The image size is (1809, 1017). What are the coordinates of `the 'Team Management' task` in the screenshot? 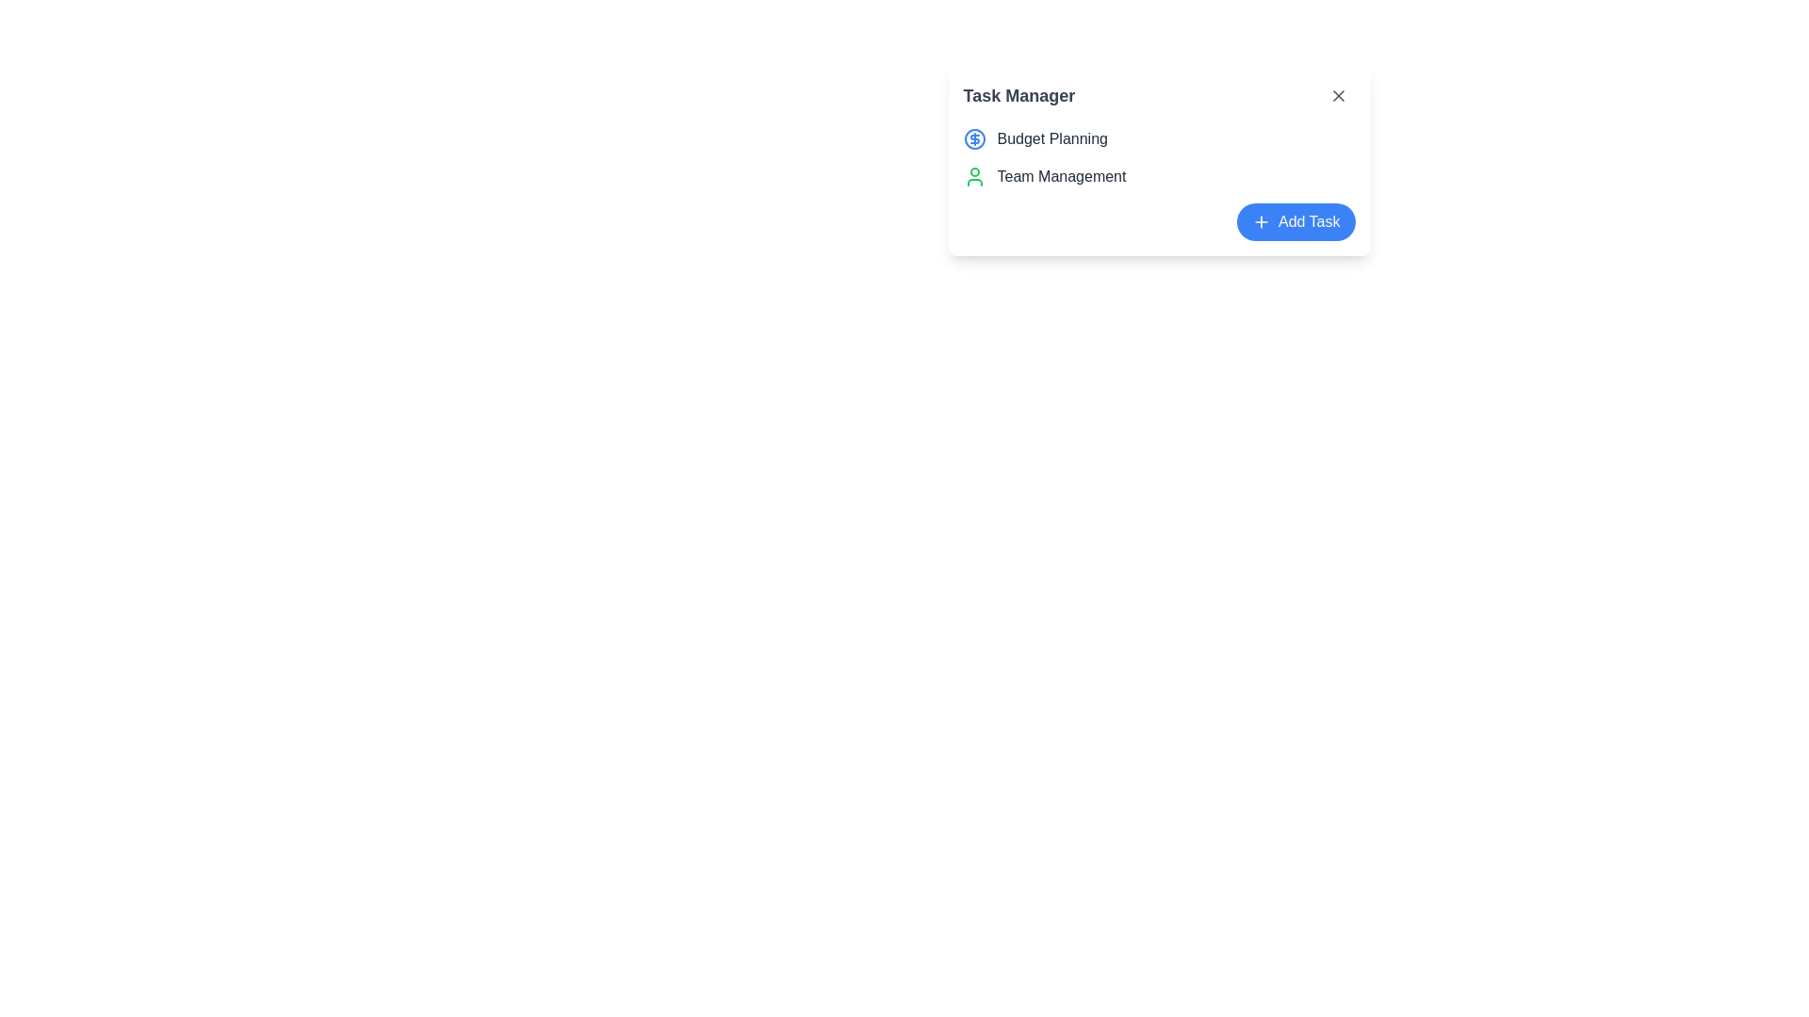 It's located at (974, 177).